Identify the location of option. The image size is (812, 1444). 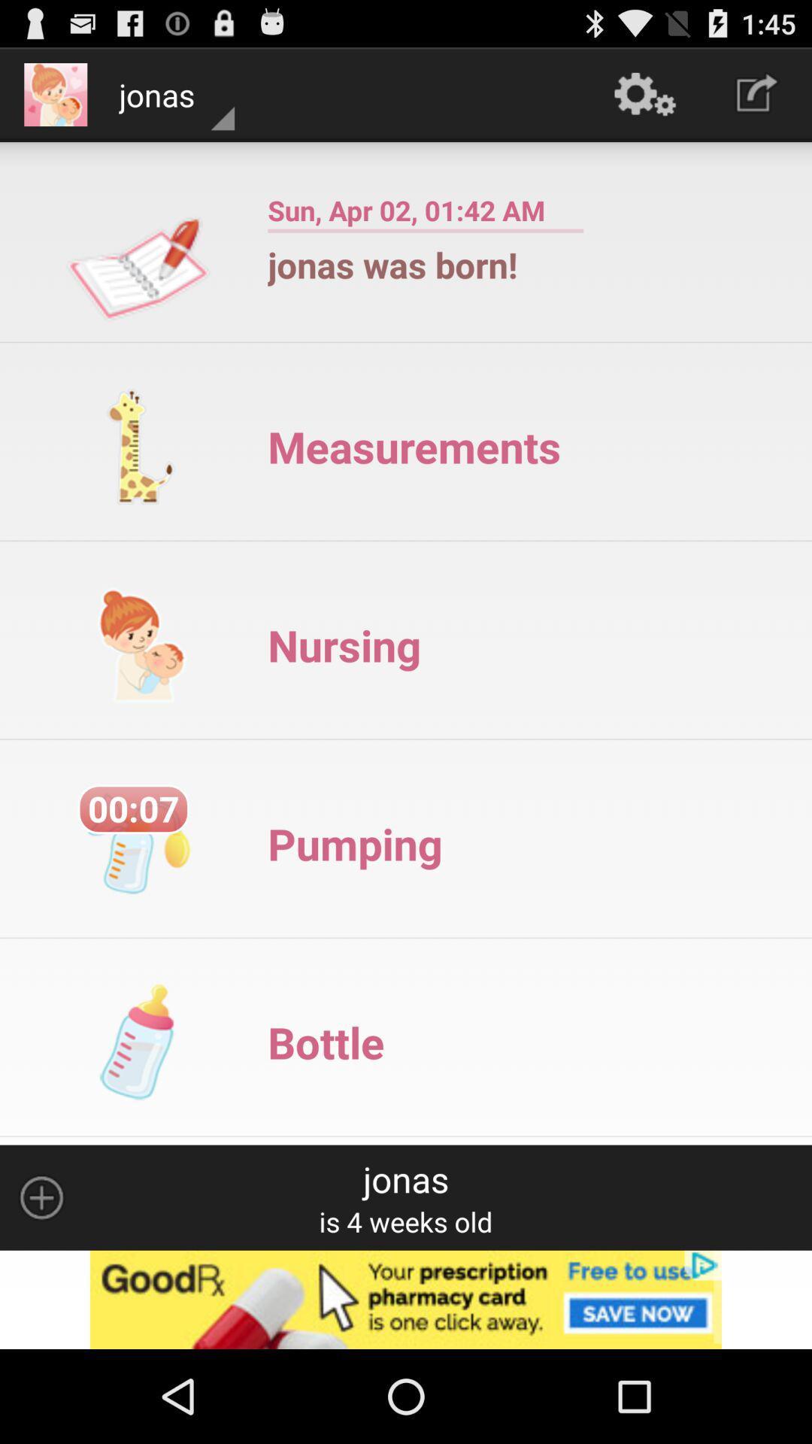
(406, 1299).